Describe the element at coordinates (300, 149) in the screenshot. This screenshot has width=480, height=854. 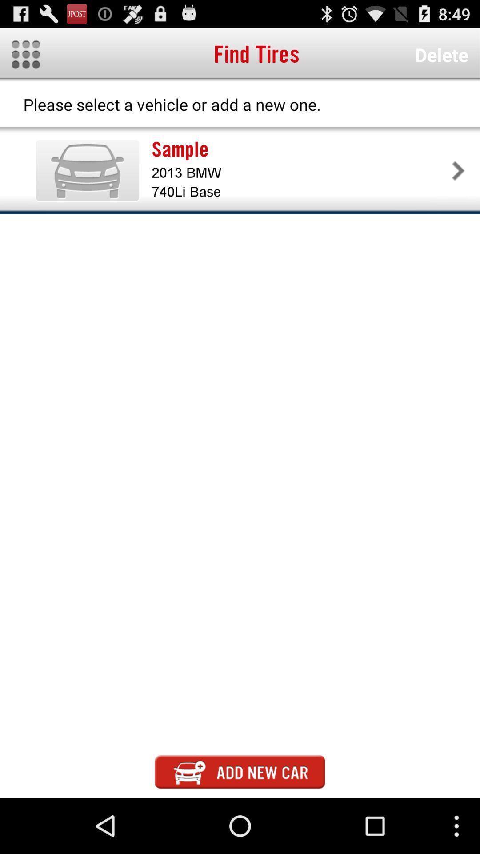
I see `the app below the please select a` at that location.